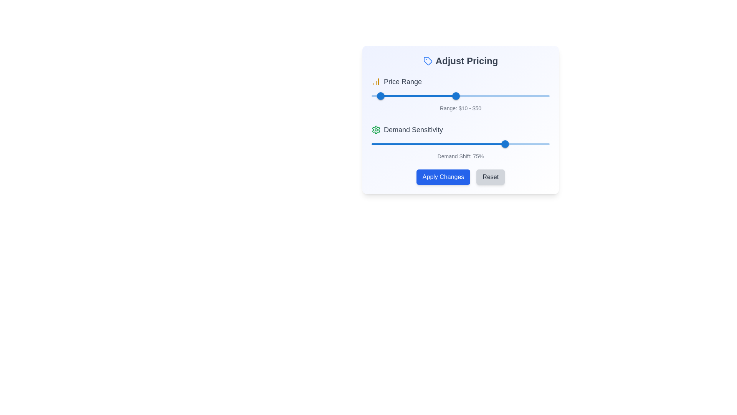 This screenshot has width=737, height=415. Describe the element at coordinates (461, 60) in the screenshot. I see `the Section Header that indicates pricing settings, which is positioned at the top center of a white rectangular card with rounded corners` at that location.